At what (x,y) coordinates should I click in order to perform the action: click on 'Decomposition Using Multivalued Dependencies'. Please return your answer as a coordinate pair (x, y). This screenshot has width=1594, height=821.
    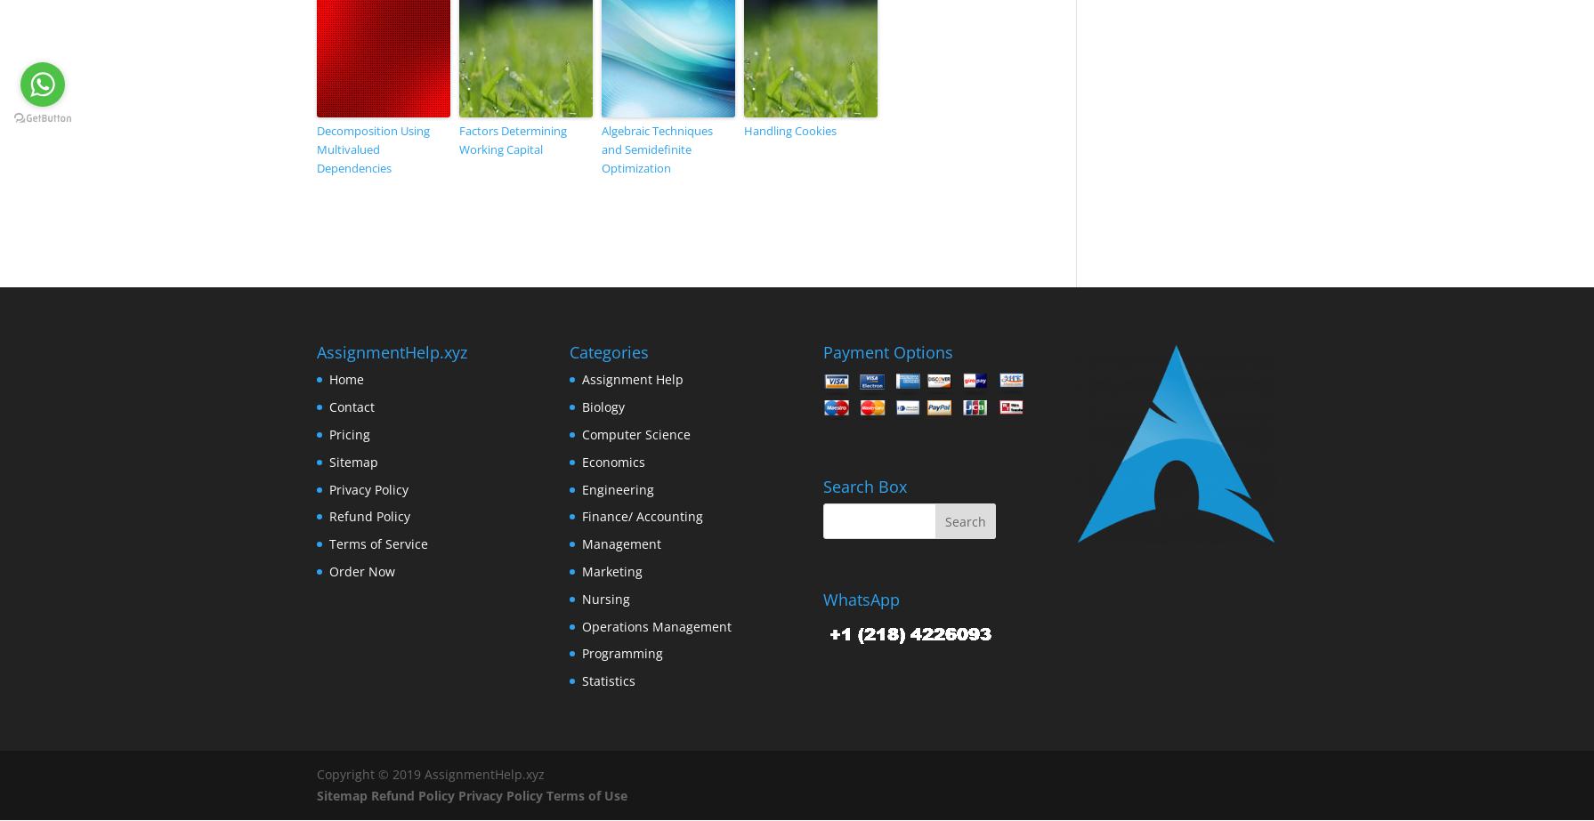
    Looking at the image, I should click on (315, 149).